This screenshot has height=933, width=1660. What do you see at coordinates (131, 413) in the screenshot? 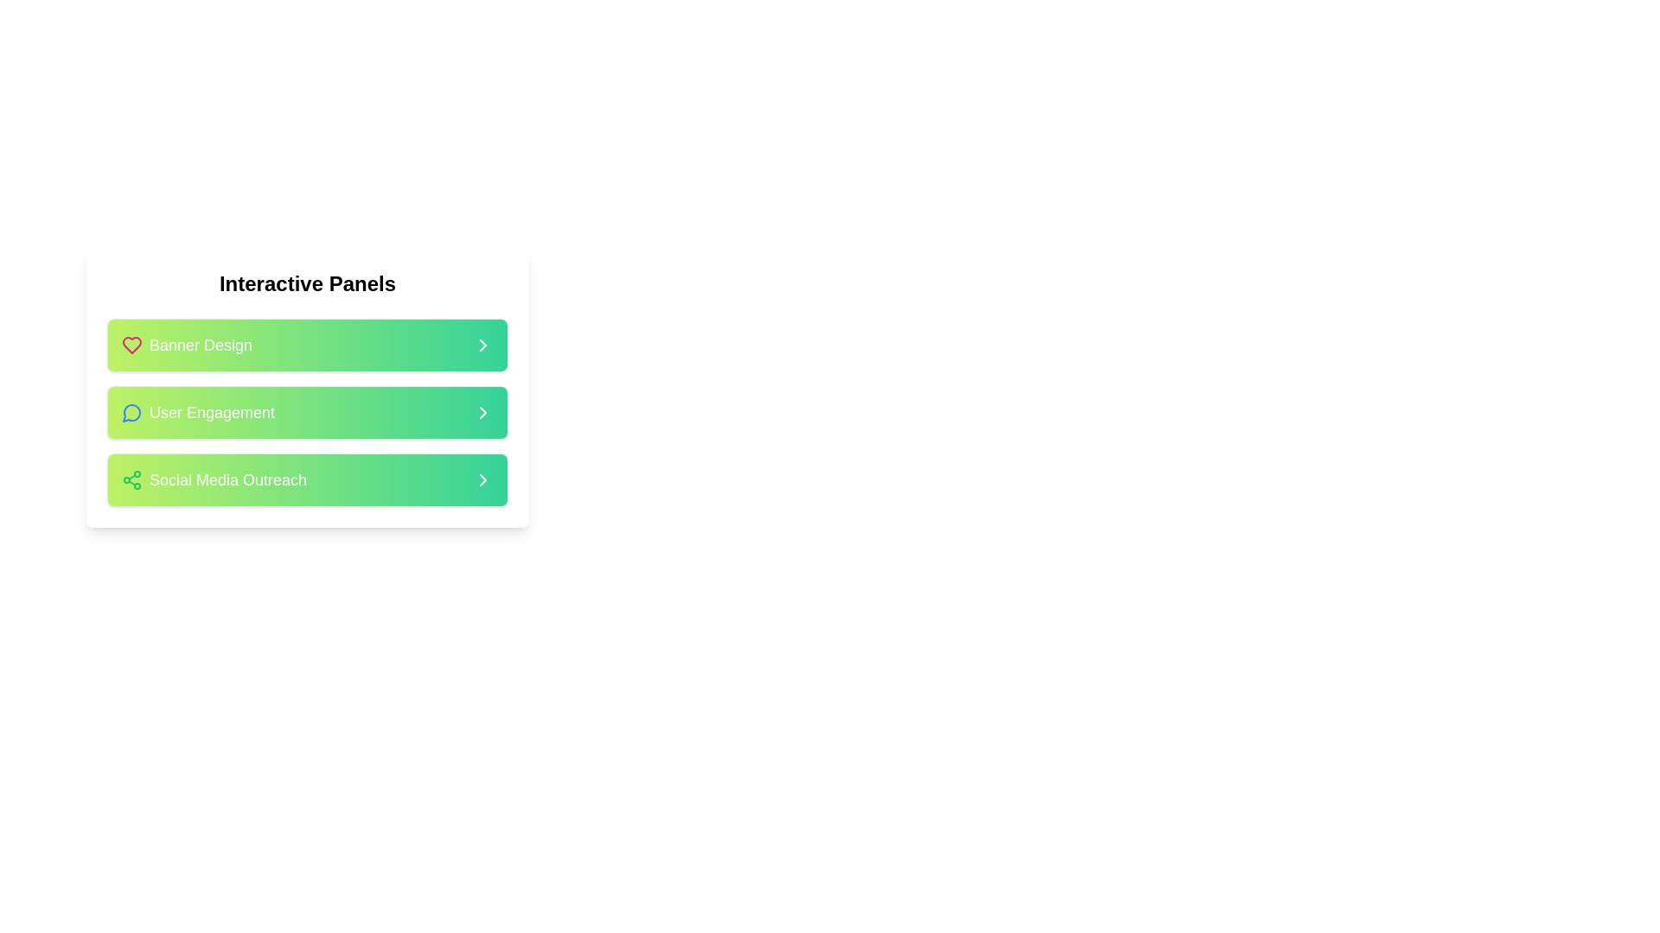
I see `the 'User Engagement' icon located next to the label 'User Engagement' in the 'Interactive Panels' section` at bounding box center [131, 413].